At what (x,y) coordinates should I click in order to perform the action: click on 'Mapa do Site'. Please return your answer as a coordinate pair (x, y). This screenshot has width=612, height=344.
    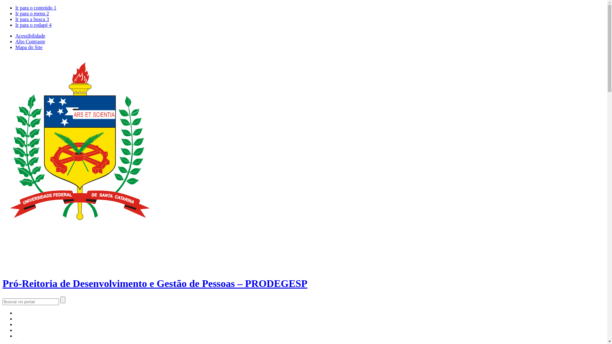
    Looking at the image, I should click on (28, 47).